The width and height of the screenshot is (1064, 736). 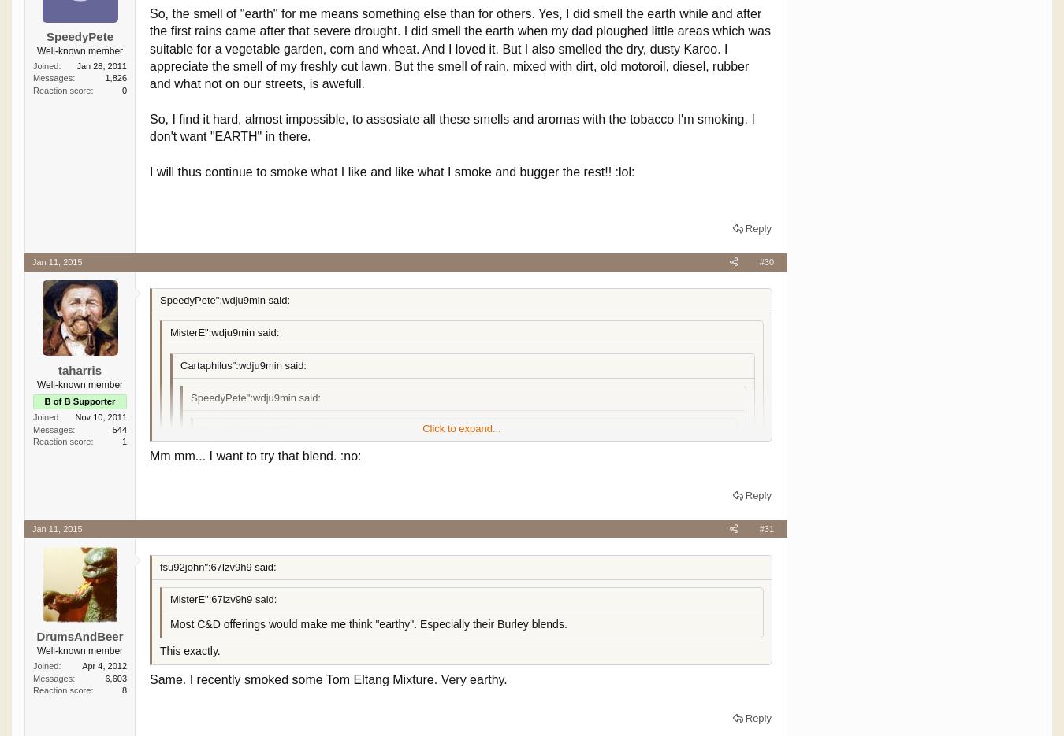 What do you see at coordinates (765, 527) in the screenshot?
I see `'#31'` at bounding box center [765, 527].